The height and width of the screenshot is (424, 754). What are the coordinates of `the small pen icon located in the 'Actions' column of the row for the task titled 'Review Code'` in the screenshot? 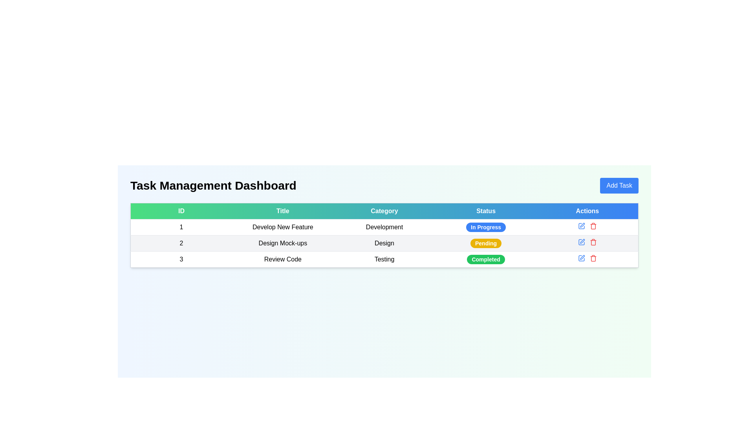 It's located at (582, 257).